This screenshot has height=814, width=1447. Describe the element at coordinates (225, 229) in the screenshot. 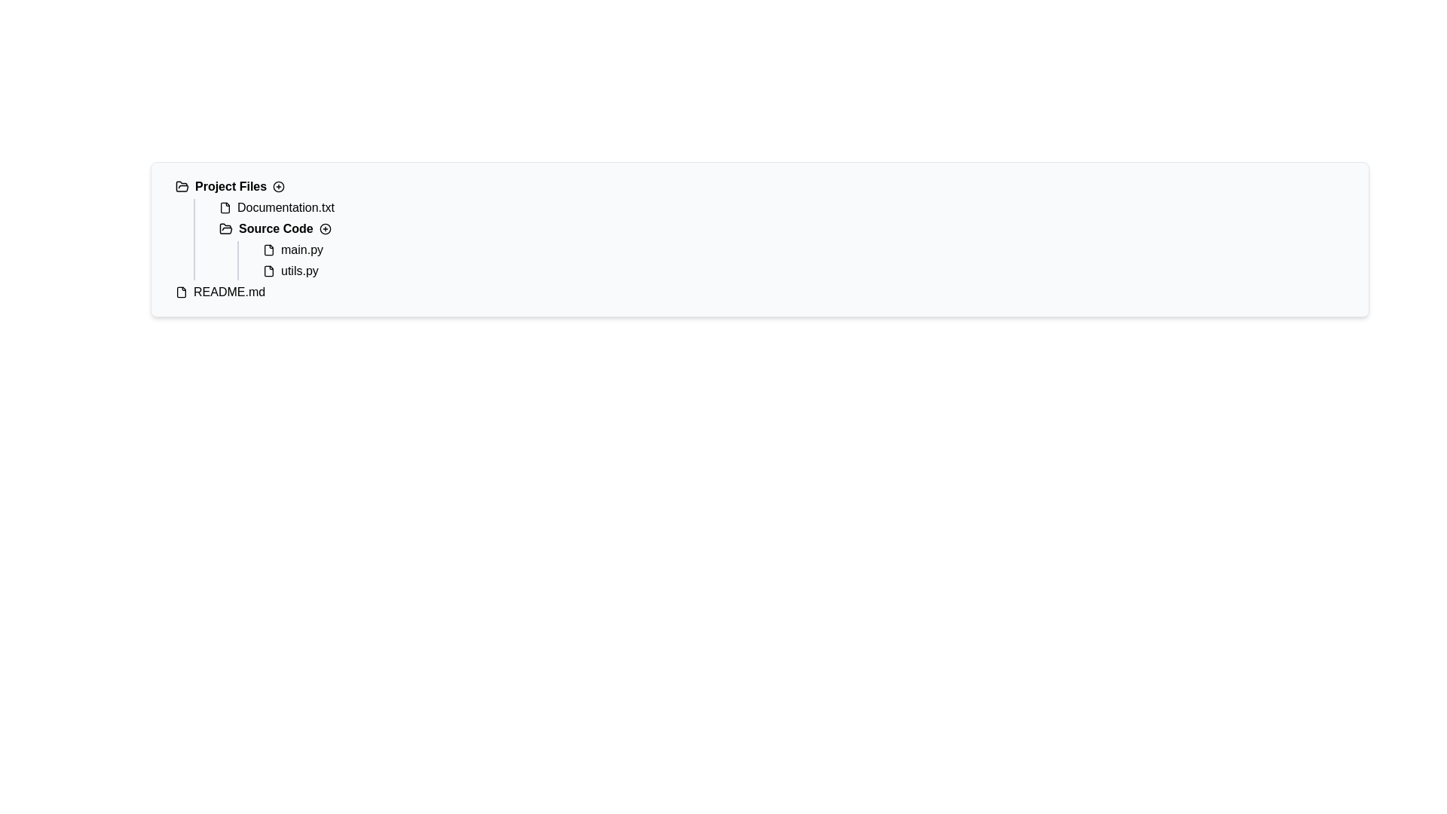

I see `the open folder icon, which is an SVG image with bold black outlines, located to the left of the 'Source Code' text` at that location.